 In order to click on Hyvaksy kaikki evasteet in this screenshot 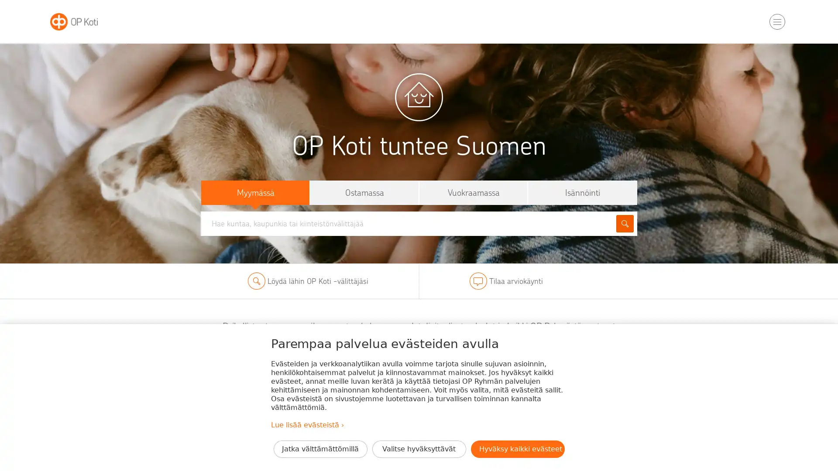, I will do `click(517, 449)`.